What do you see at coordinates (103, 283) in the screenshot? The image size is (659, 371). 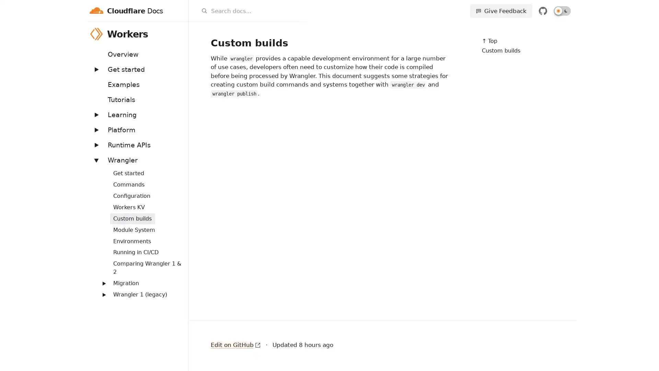 I see `Expand: Migration` at bounding box center [103, 283].